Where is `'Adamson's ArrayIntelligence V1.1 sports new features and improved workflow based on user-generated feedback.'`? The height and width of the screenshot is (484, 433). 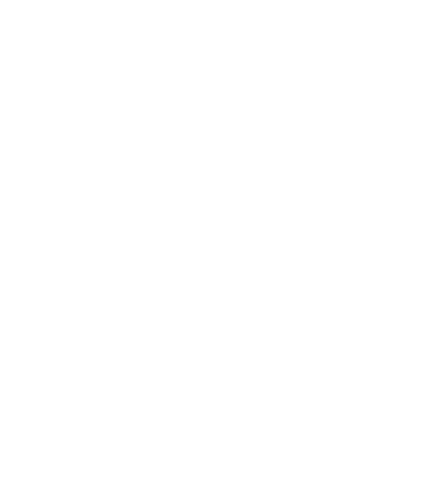 'Adamson's ArrayIntelligence V1.1 sports new features and improved workflow based on user-generated feedback.' is located at coordinates (185, 200).